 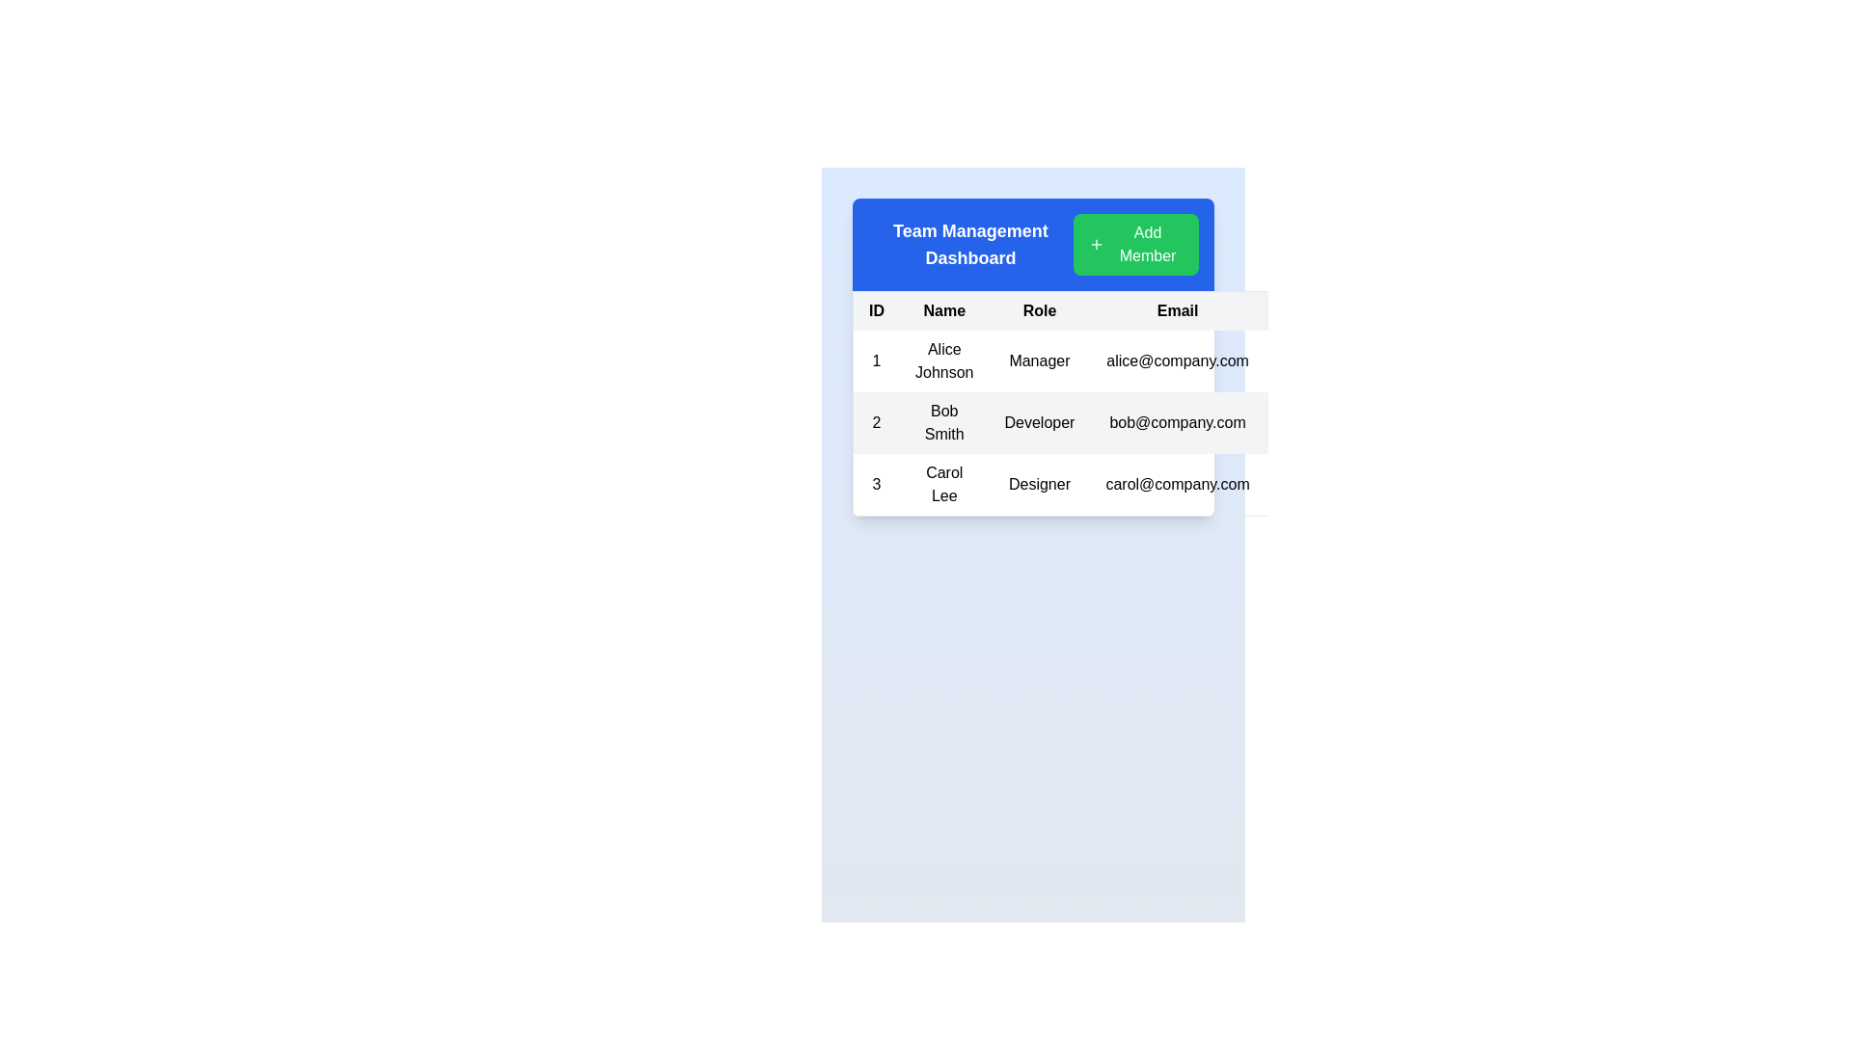 I want to click on the text label displaying the word 'Designer' located in the third row and third column of the table, which corresponds to the 'Role' column for 'Carol Lee', if it is interactive in another context, so click(x=1038, y=484).